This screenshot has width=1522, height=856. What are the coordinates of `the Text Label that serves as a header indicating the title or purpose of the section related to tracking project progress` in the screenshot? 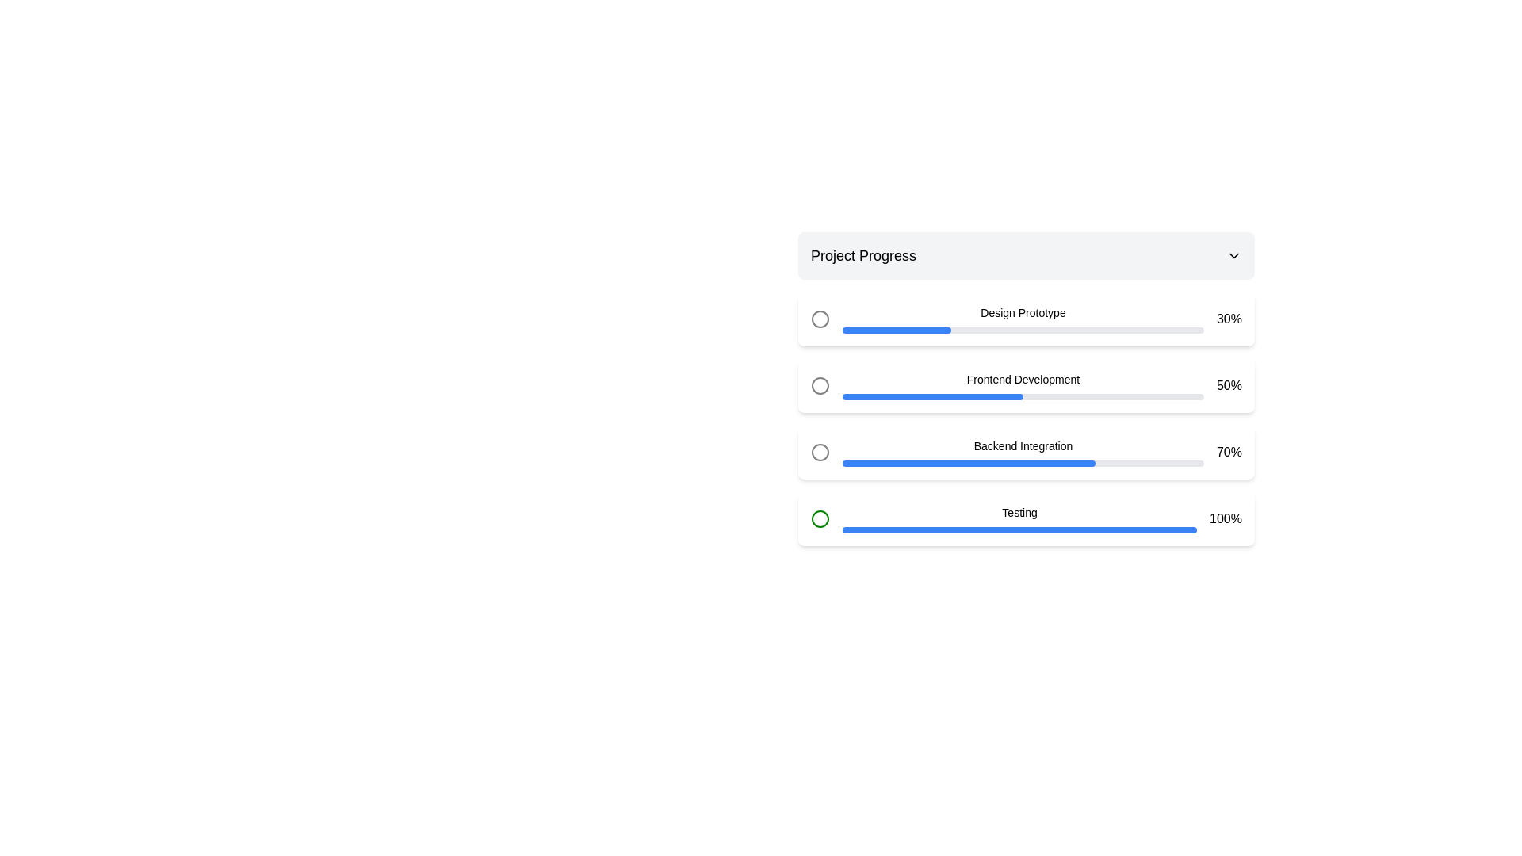 It's located at (862, 255).